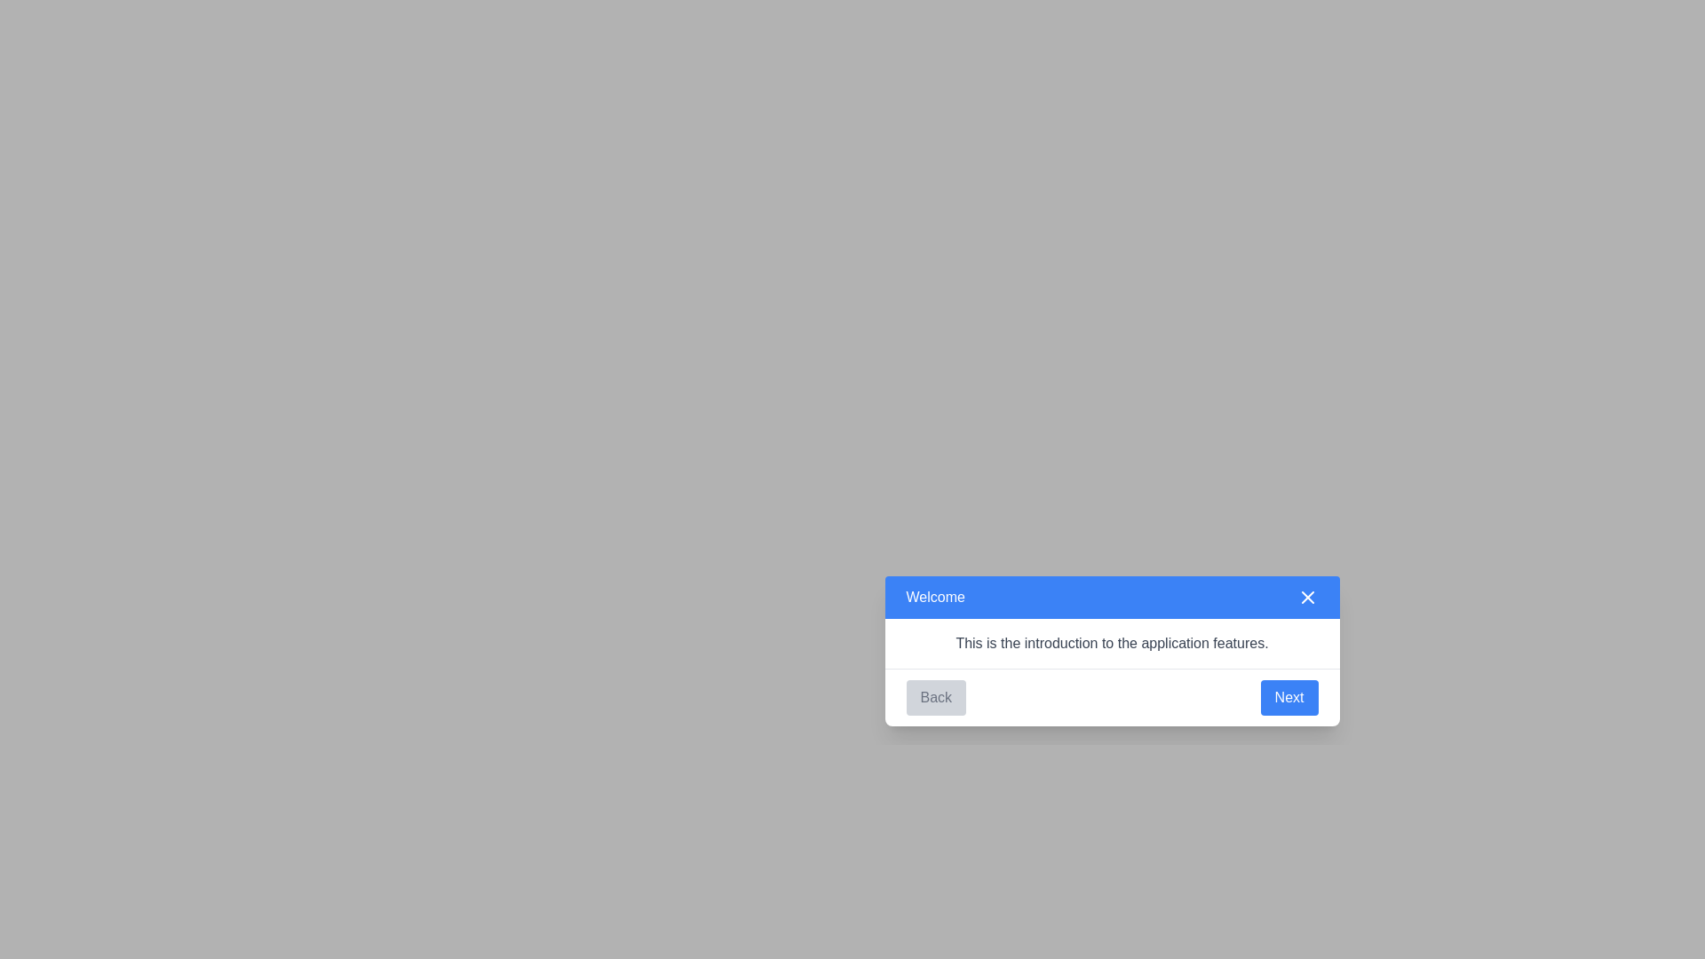 The image size is (1705, 959). Describe the element at coordinates (934, 597) in the screenshot. I see `the 'Welcome' text label located on the blue bar at the top of the dialog box, which serves as a title or introductory label` at that location.